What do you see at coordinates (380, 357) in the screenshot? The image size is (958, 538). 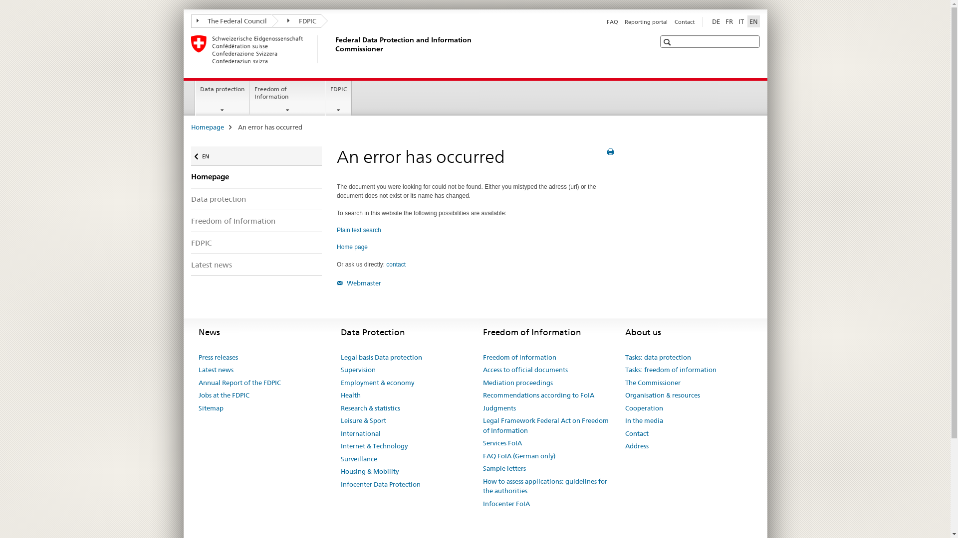 I see `'Legal basis Data protection'` at bounding box center [380, 357].